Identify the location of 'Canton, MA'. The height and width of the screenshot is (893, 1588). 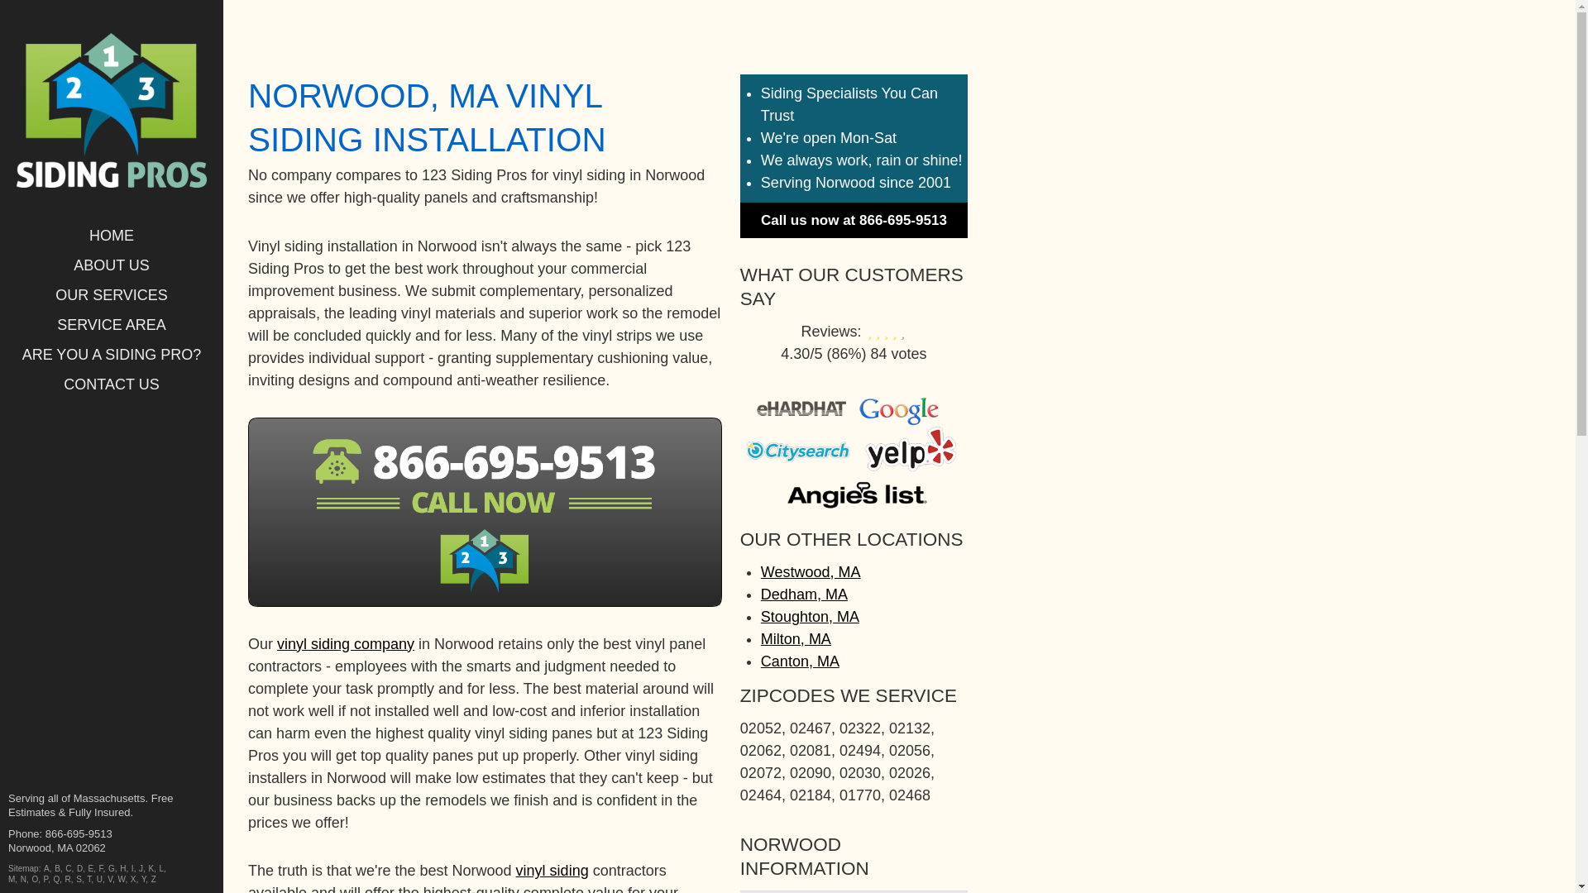
(800, 660).